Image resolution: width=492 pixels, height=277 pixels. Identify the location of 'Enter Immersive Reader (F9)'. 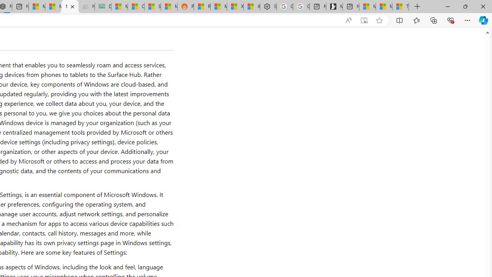
(363, 20).